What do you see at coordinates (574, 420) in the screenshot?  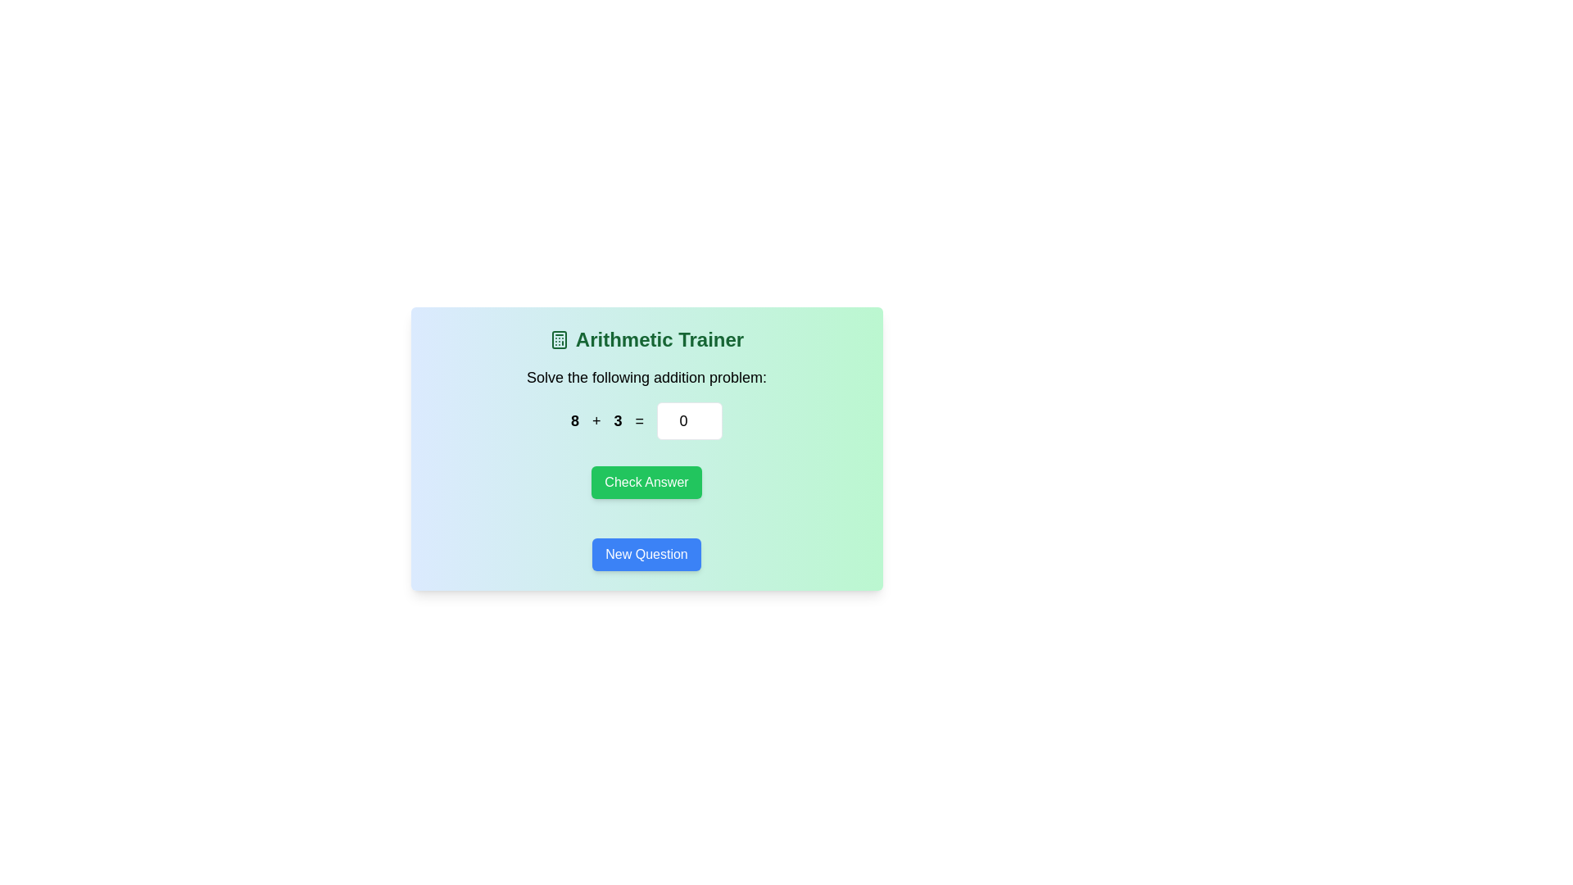 I see `the bold numeral '8' which is the first numeral in the arithmetic expression '8 + 3 = 0', located prominently at the beginning of the equation` at bounding box center [574, 420].